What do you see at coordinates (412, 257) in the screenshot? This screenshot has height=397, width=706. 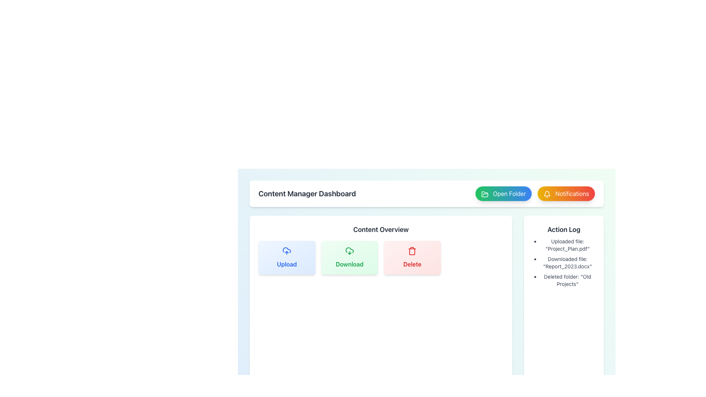 I see `the 'Delete' button with a red trash bin icon` at bounding box center [412, 257].